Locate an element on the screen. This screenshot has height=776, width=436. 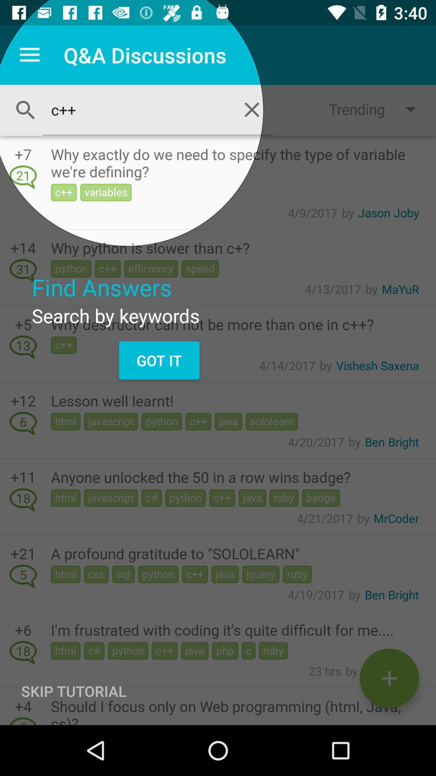
to favorites is located at coordinates (389, 678).